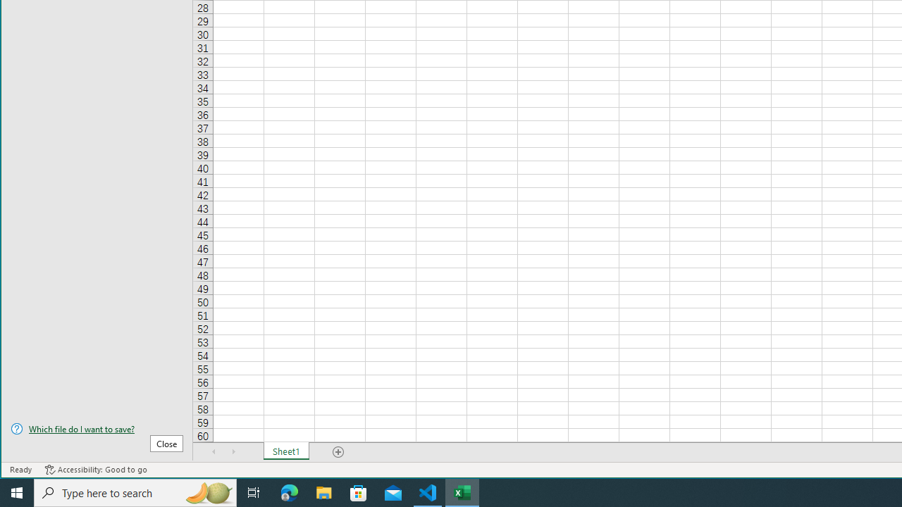 This screenshot has height=507, width=902. Describe the element at coordinates (427, 492) in the screenshot. I see `'Visual Studio Code - 1 running window'` at that location.